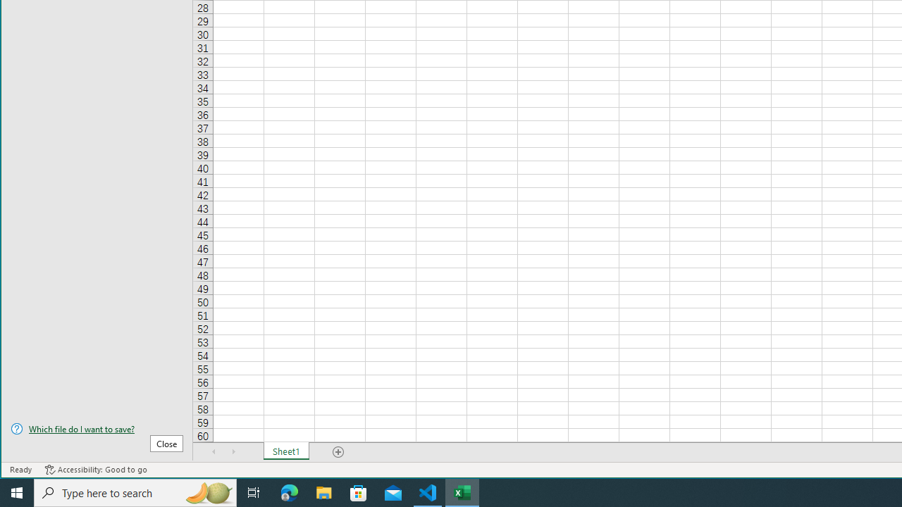 This screenshot has height=507, width=902. Describe the element at coordinates (427, 492) in the screenshot. I see `'Visual Studio Code - 1 running window'` at that location.